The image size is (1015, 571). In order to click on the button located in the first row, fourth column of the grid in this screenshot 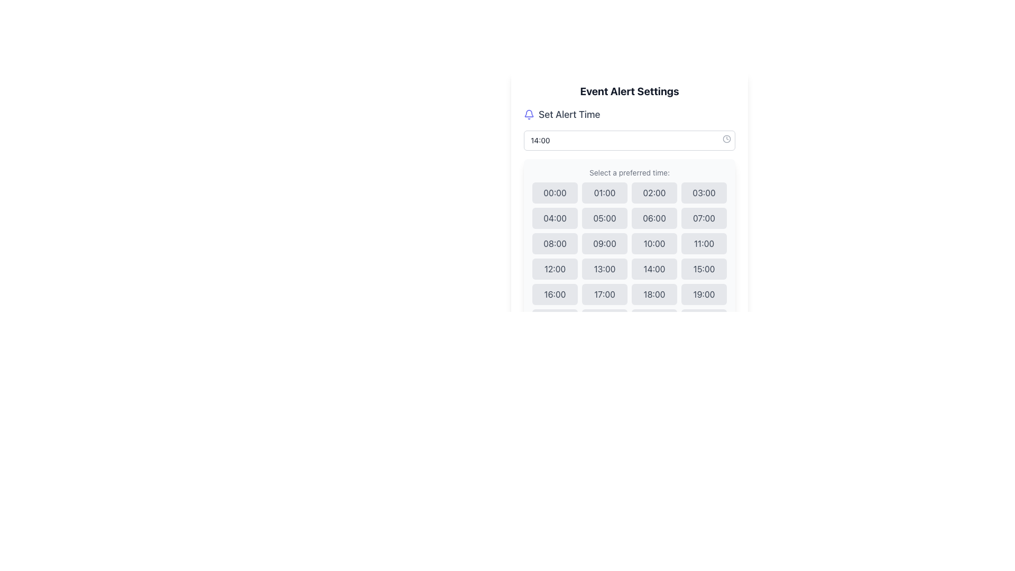, I will do `click(704, 193)`.